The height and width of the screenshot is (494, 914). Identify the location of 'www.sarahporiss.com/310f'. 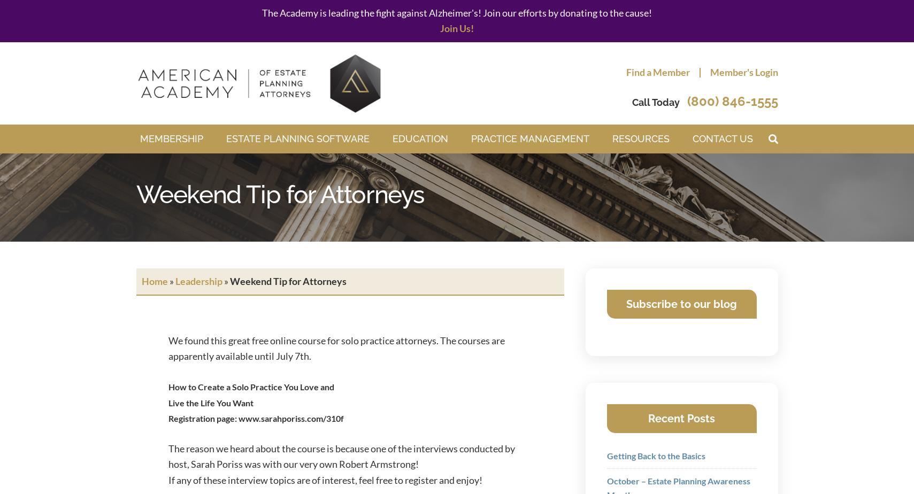
(290, 418).